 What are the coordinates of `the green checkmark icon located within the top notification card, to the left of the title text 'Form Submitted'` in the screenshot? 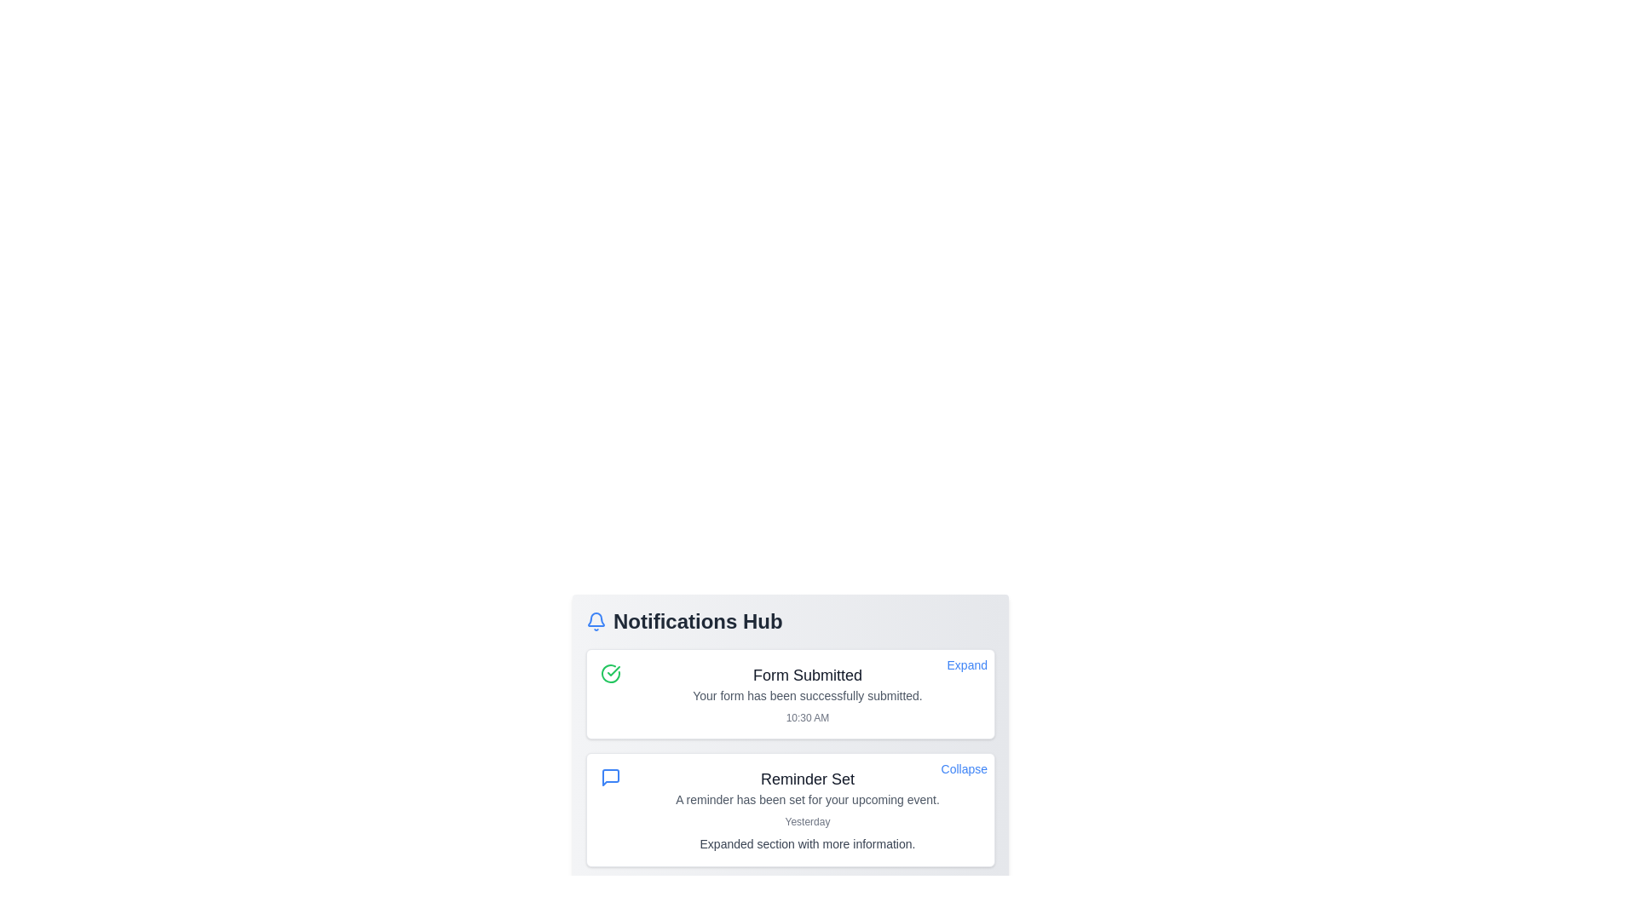 It's located at (613, 670).